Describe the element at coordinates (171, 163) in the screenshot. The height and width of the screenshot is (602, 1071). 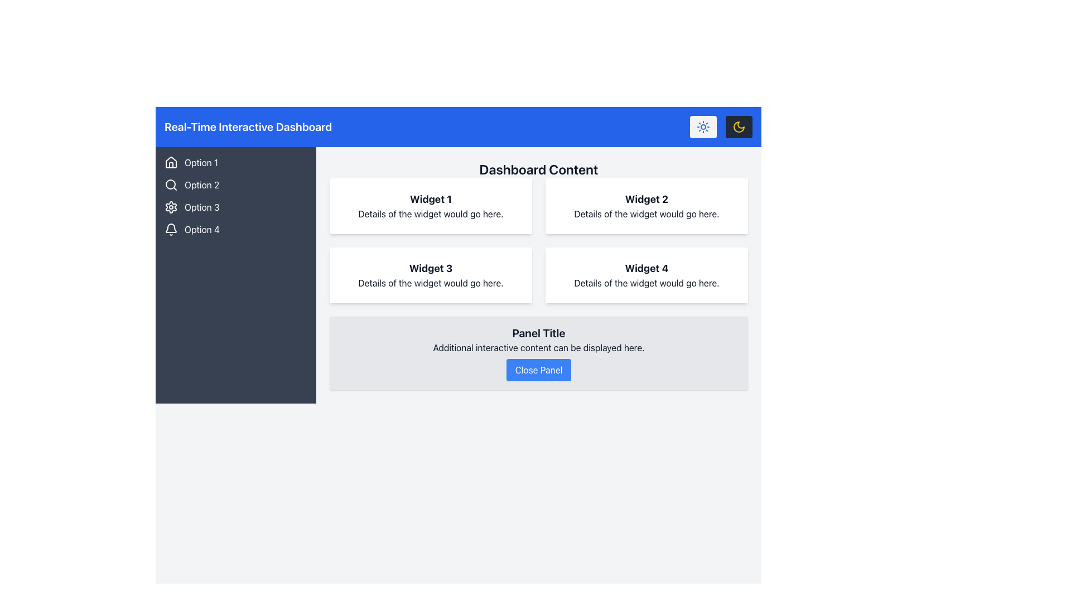
I see `the house icon in the top-left corner of the application` at that location.